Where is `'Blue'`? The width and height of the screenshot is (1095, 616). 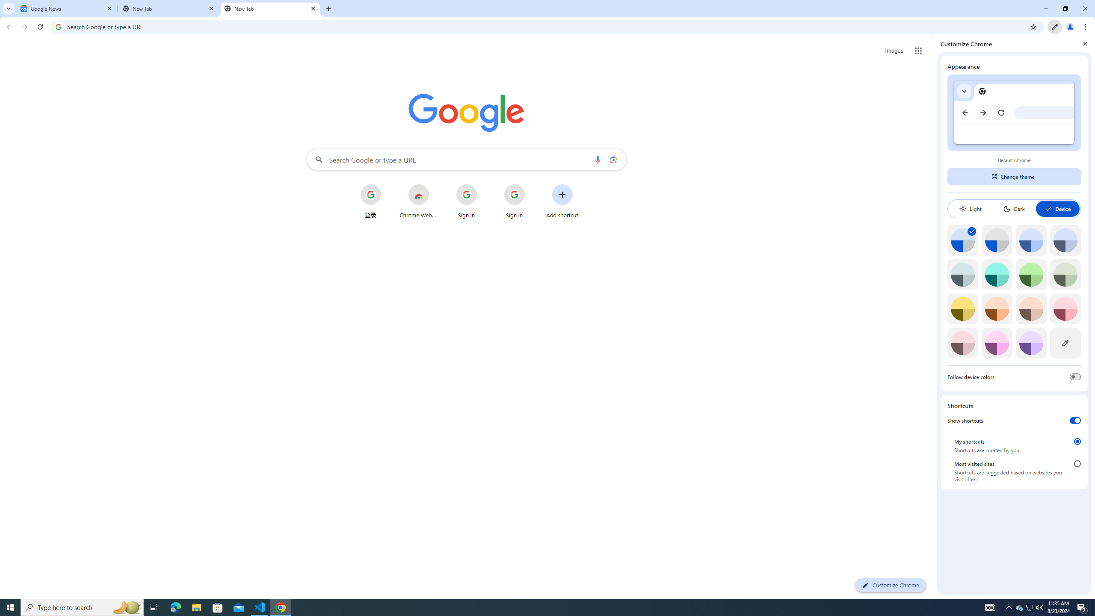 'Blue' is located at coordinates (1031, 240).